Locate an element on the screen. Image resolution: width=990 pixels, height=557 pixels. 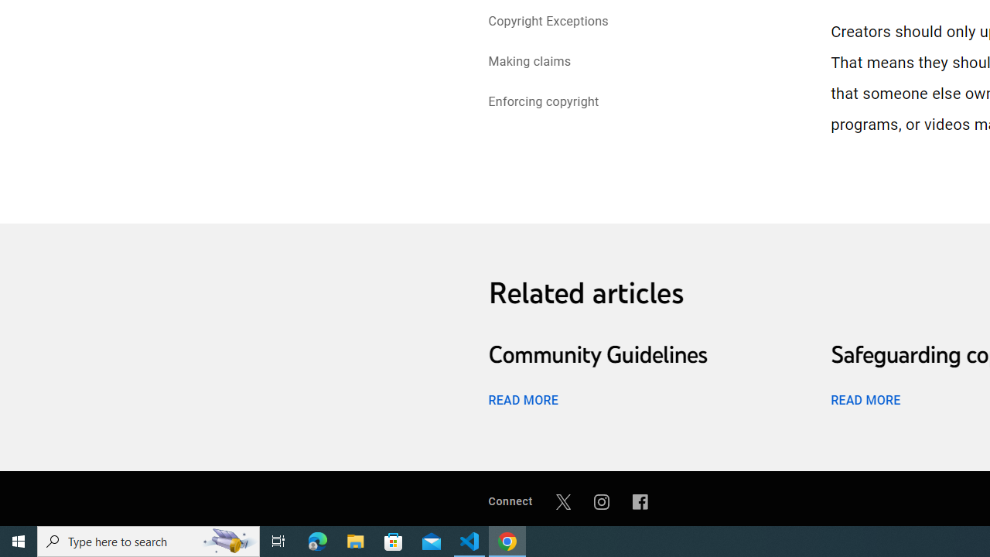
'Twitter' is located at coordinates (562, 501).